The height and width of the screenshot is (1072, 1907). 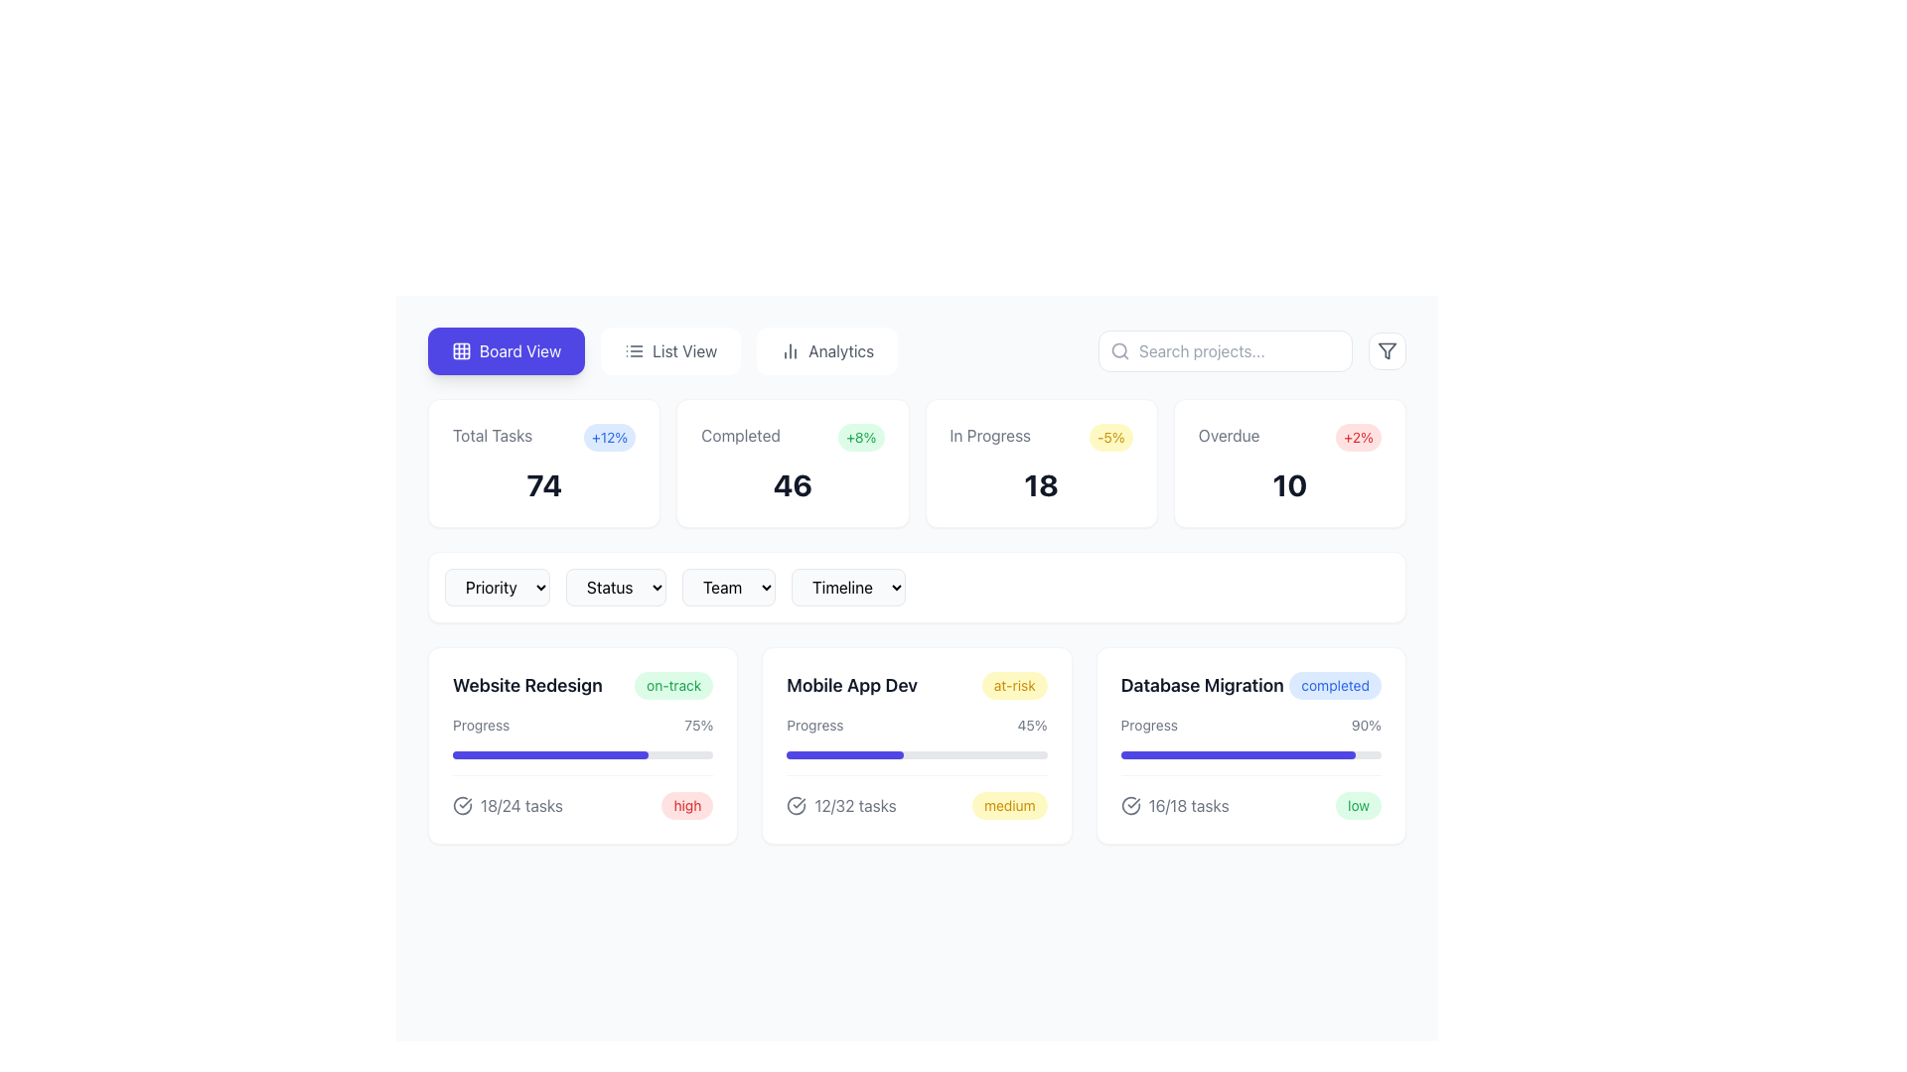 I want to click on the non-interactive text label displaying 'Overdue' in gray color, positioned at the top right section of the dashboard interface, so click(x=1228, y=435).